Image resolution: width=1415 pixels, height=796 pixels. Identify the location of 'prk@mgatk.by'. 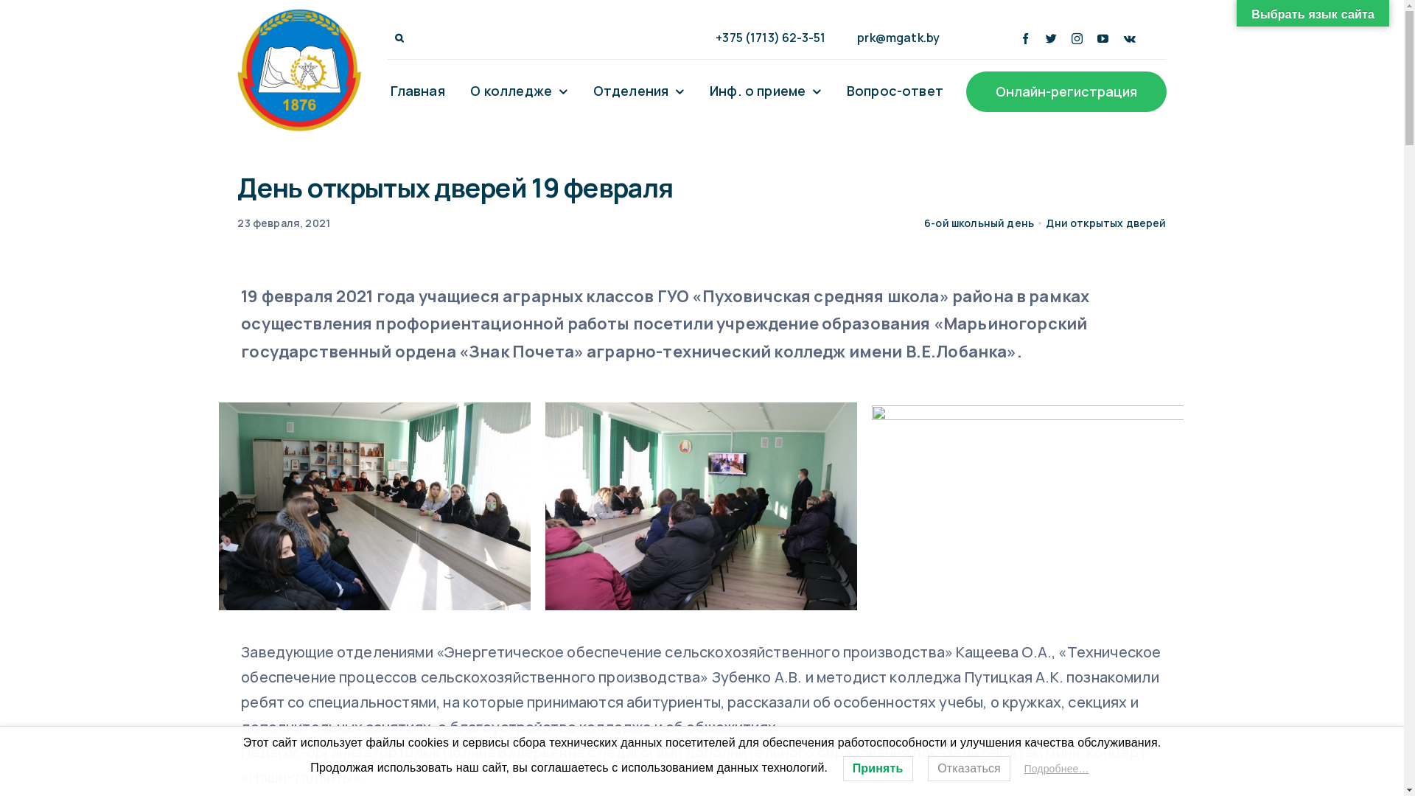
(891, 37).